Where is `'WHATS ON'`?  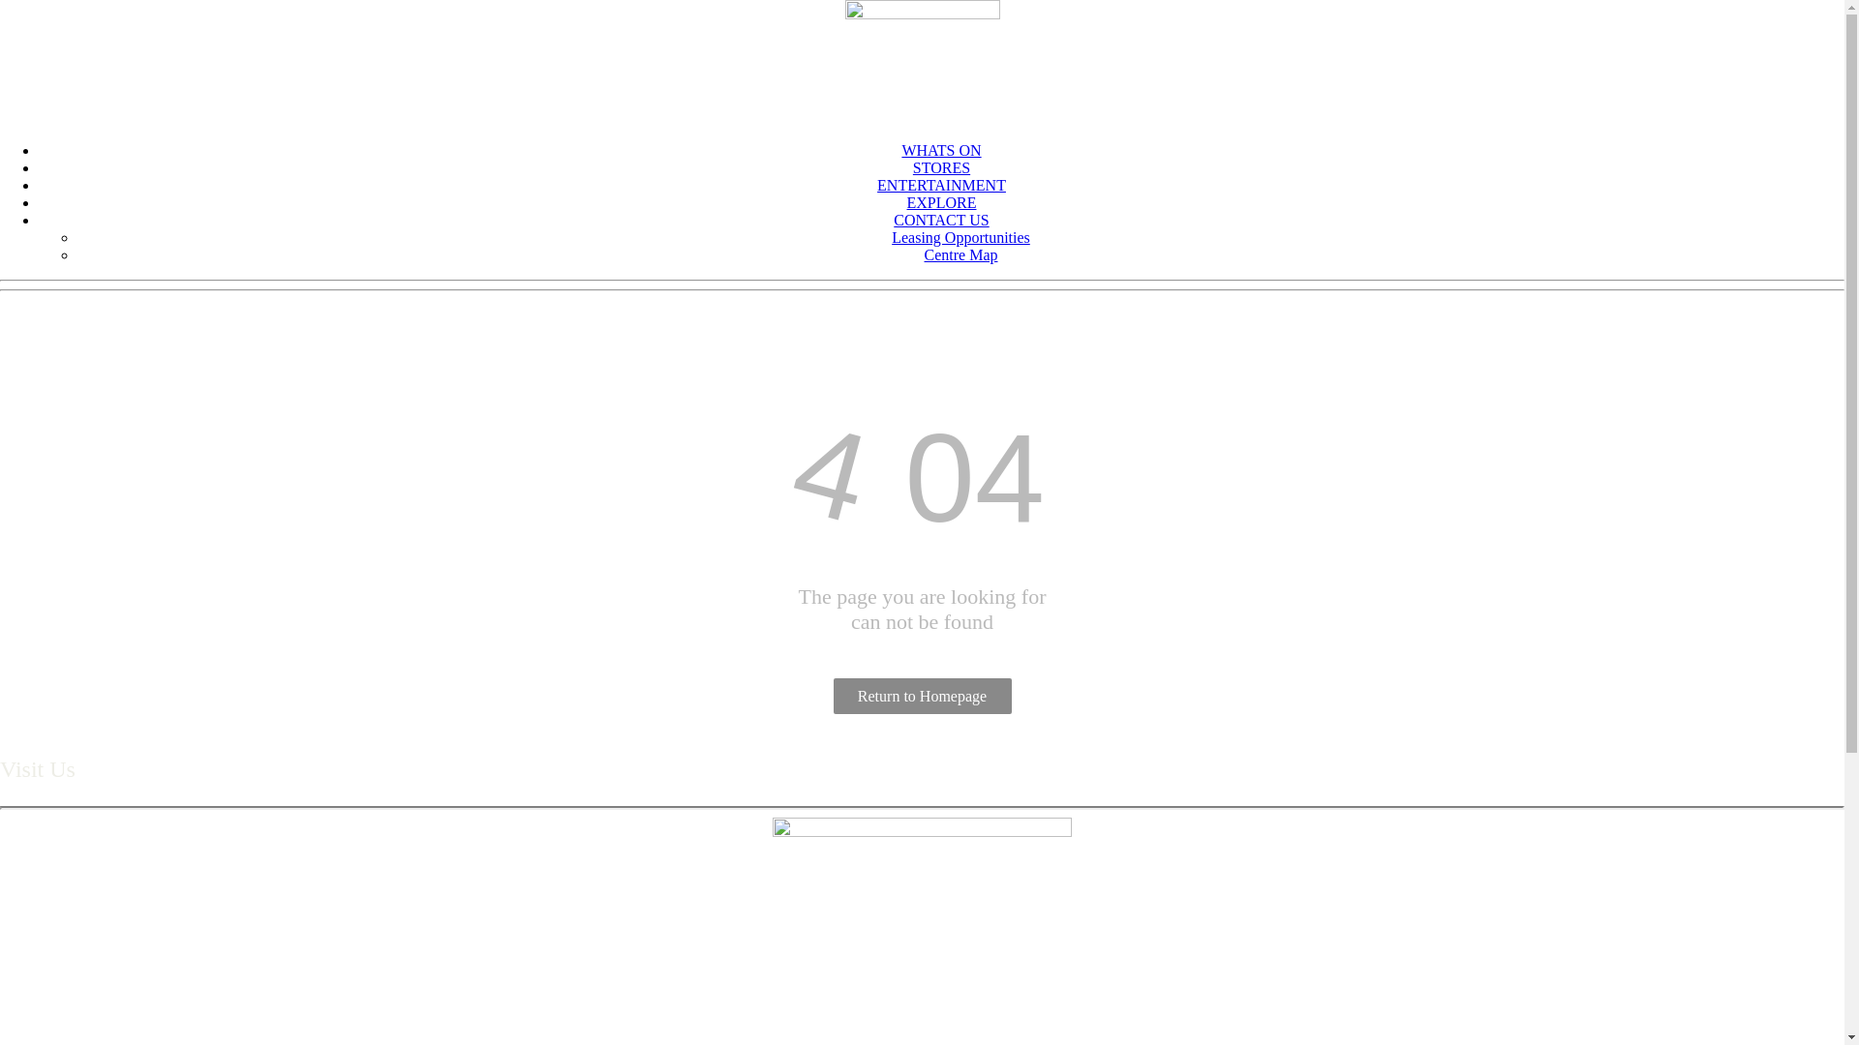 'WHATS ON' is located at coordinates (940, 149).